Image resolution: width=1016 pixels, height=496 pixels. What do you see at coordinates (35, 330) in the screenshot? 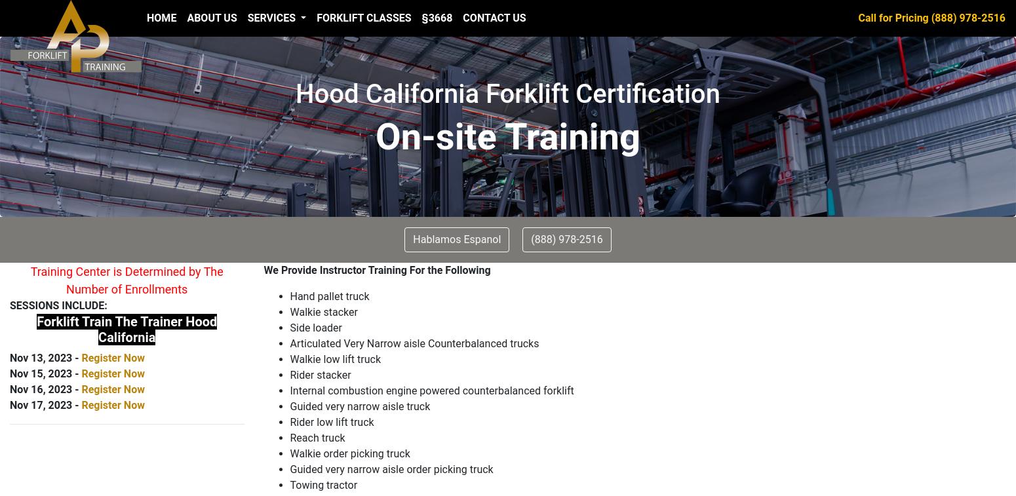
I see `'Forklift Train The Trainer Hood  California'` at bounding box center [35, 330].